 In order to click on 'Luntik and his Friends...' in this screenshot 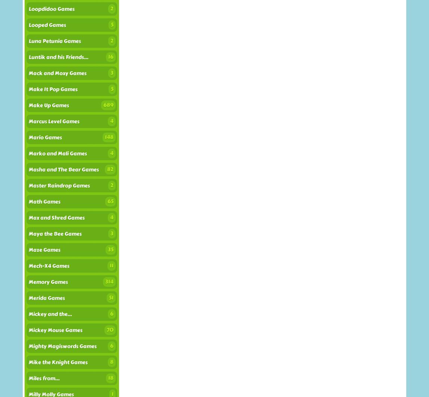, I will do `click(58, 57)`.